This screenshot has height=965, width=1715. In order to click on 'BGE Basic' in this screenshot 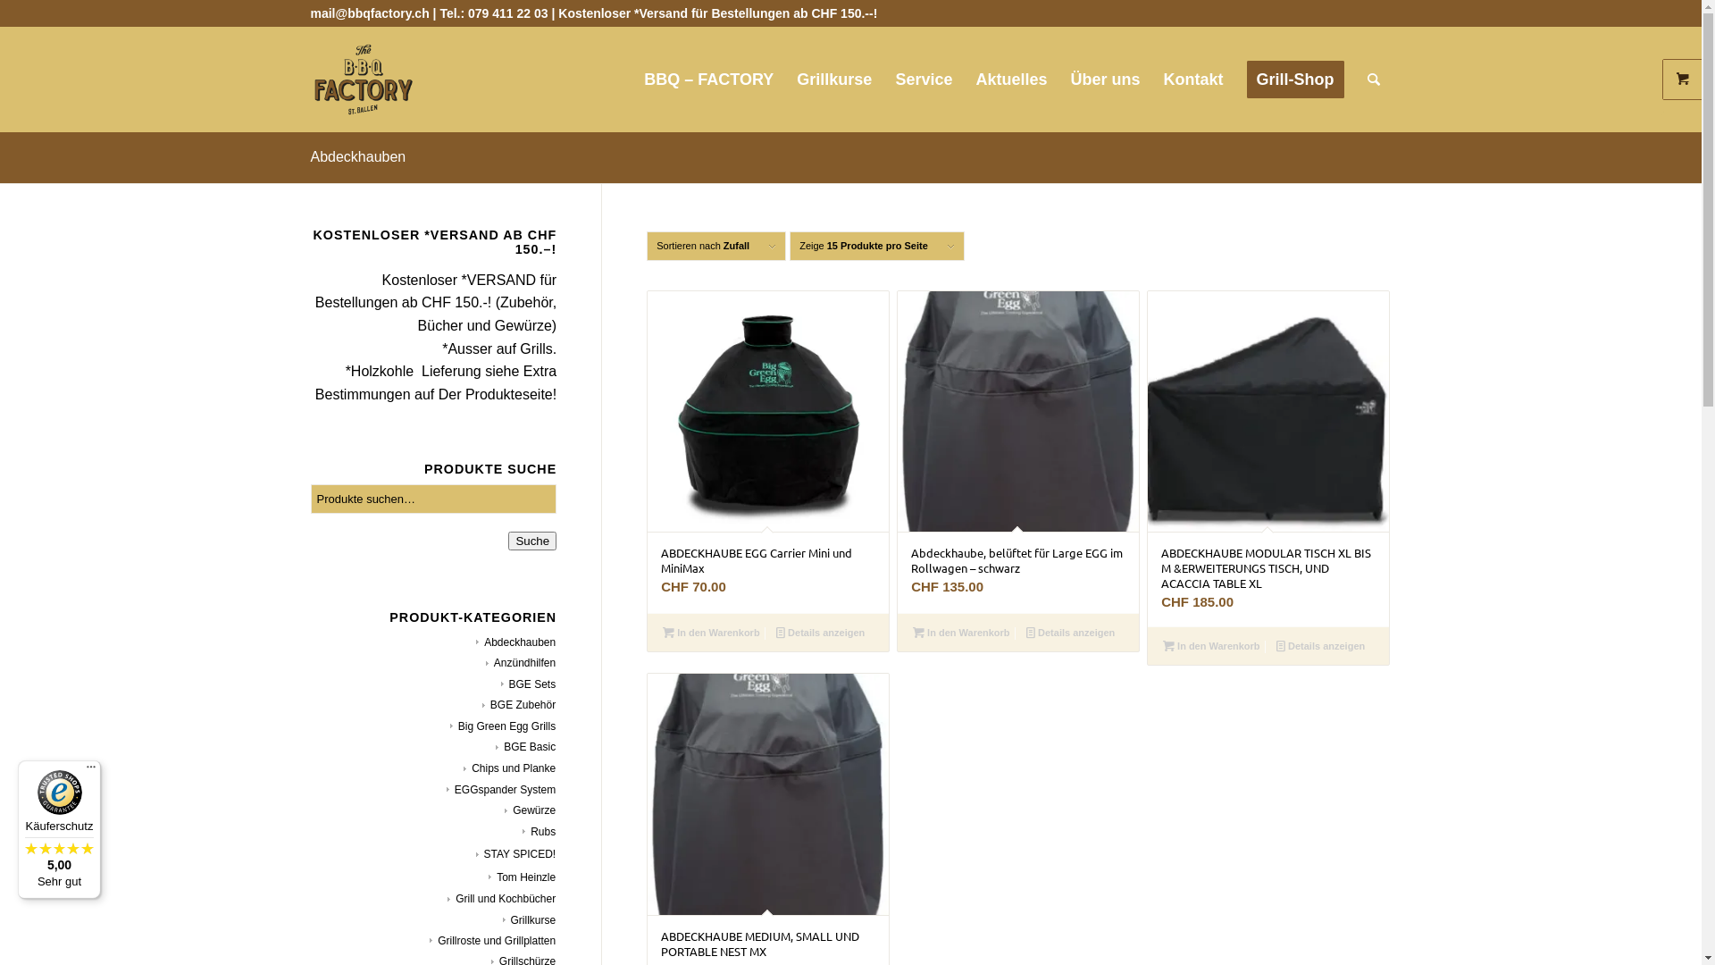, I will do `click(524, 747)`.